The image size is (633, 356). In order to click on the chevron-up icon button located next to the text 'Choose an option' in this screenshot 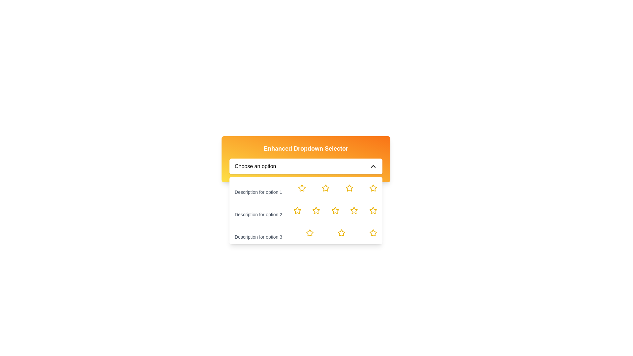, I will do `click(373, 166)`.